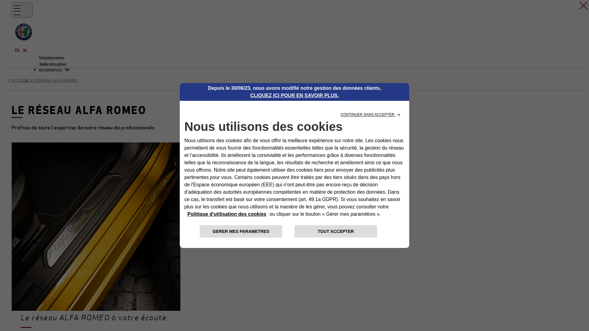 Image resolution: width=589 pixels, height=331 pixels. I want to click on 'EN SAVOIR PLUS', so click(39, 70).